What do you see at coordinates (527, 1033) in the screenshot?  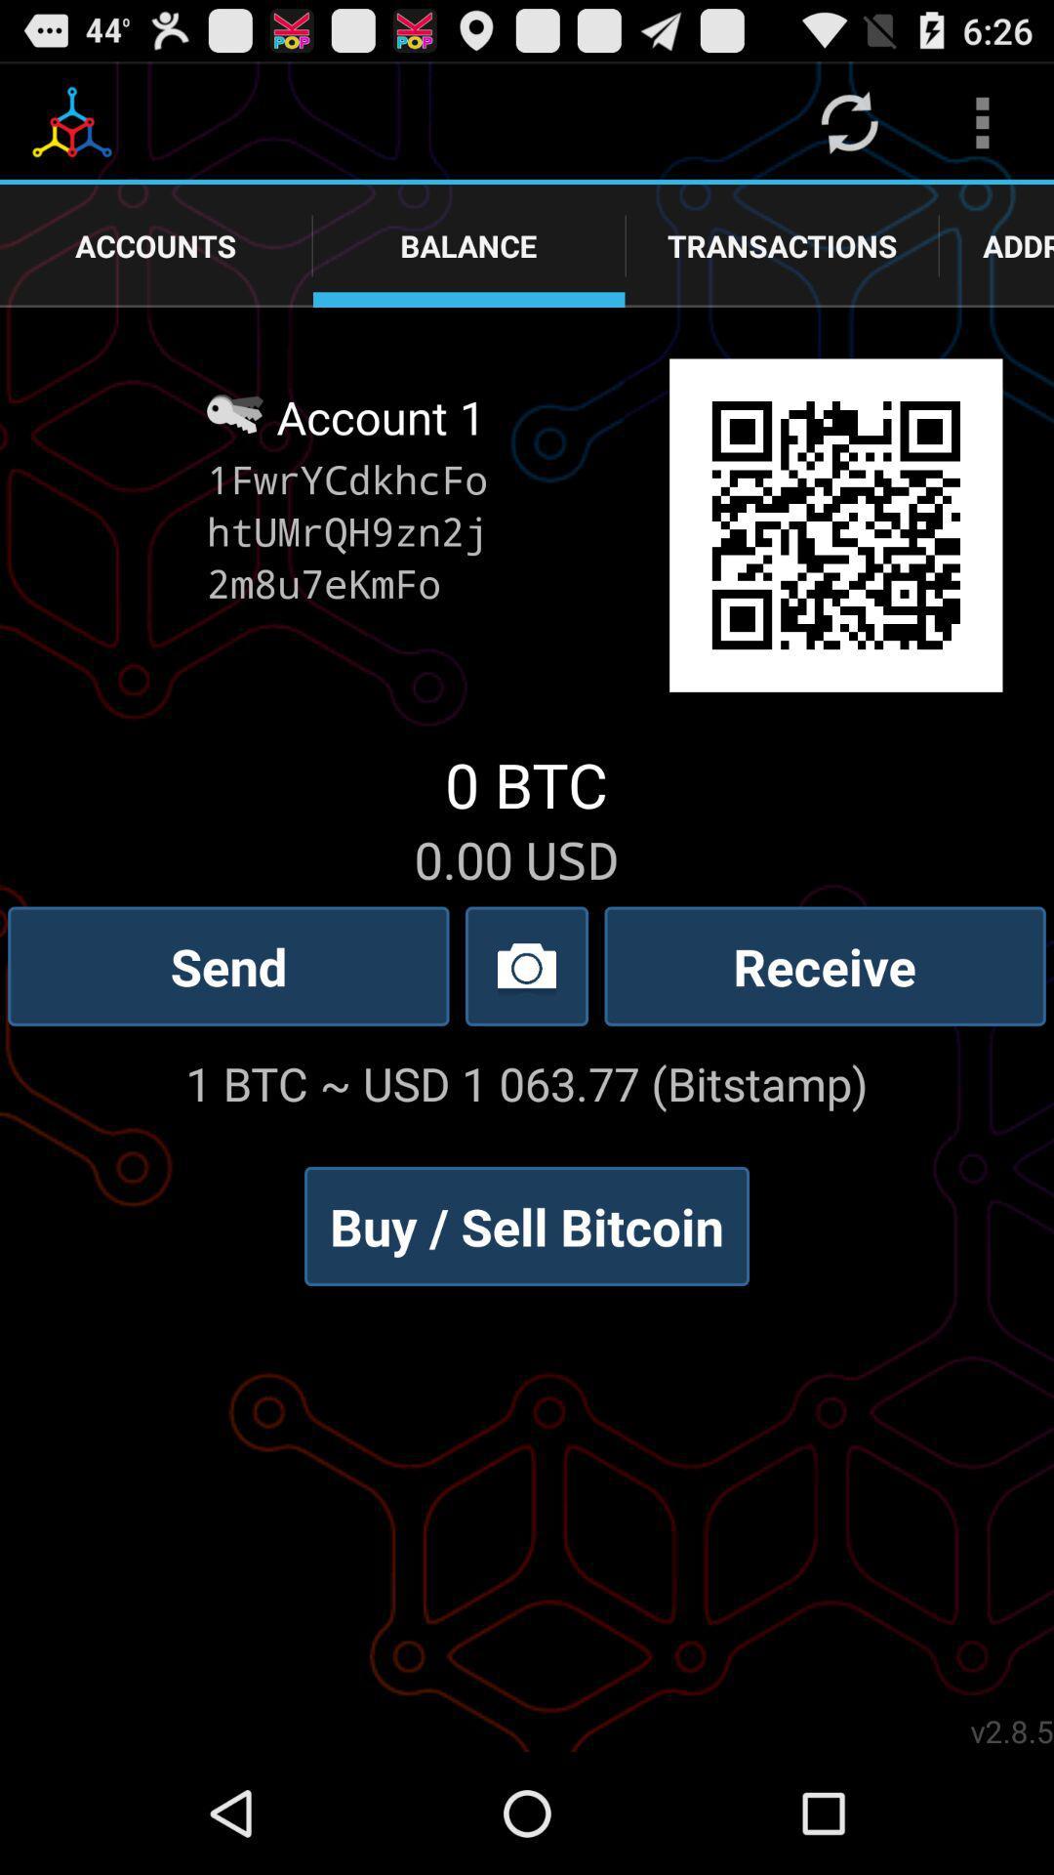 I see `the photo icon` at bounding box center [527, 1033].